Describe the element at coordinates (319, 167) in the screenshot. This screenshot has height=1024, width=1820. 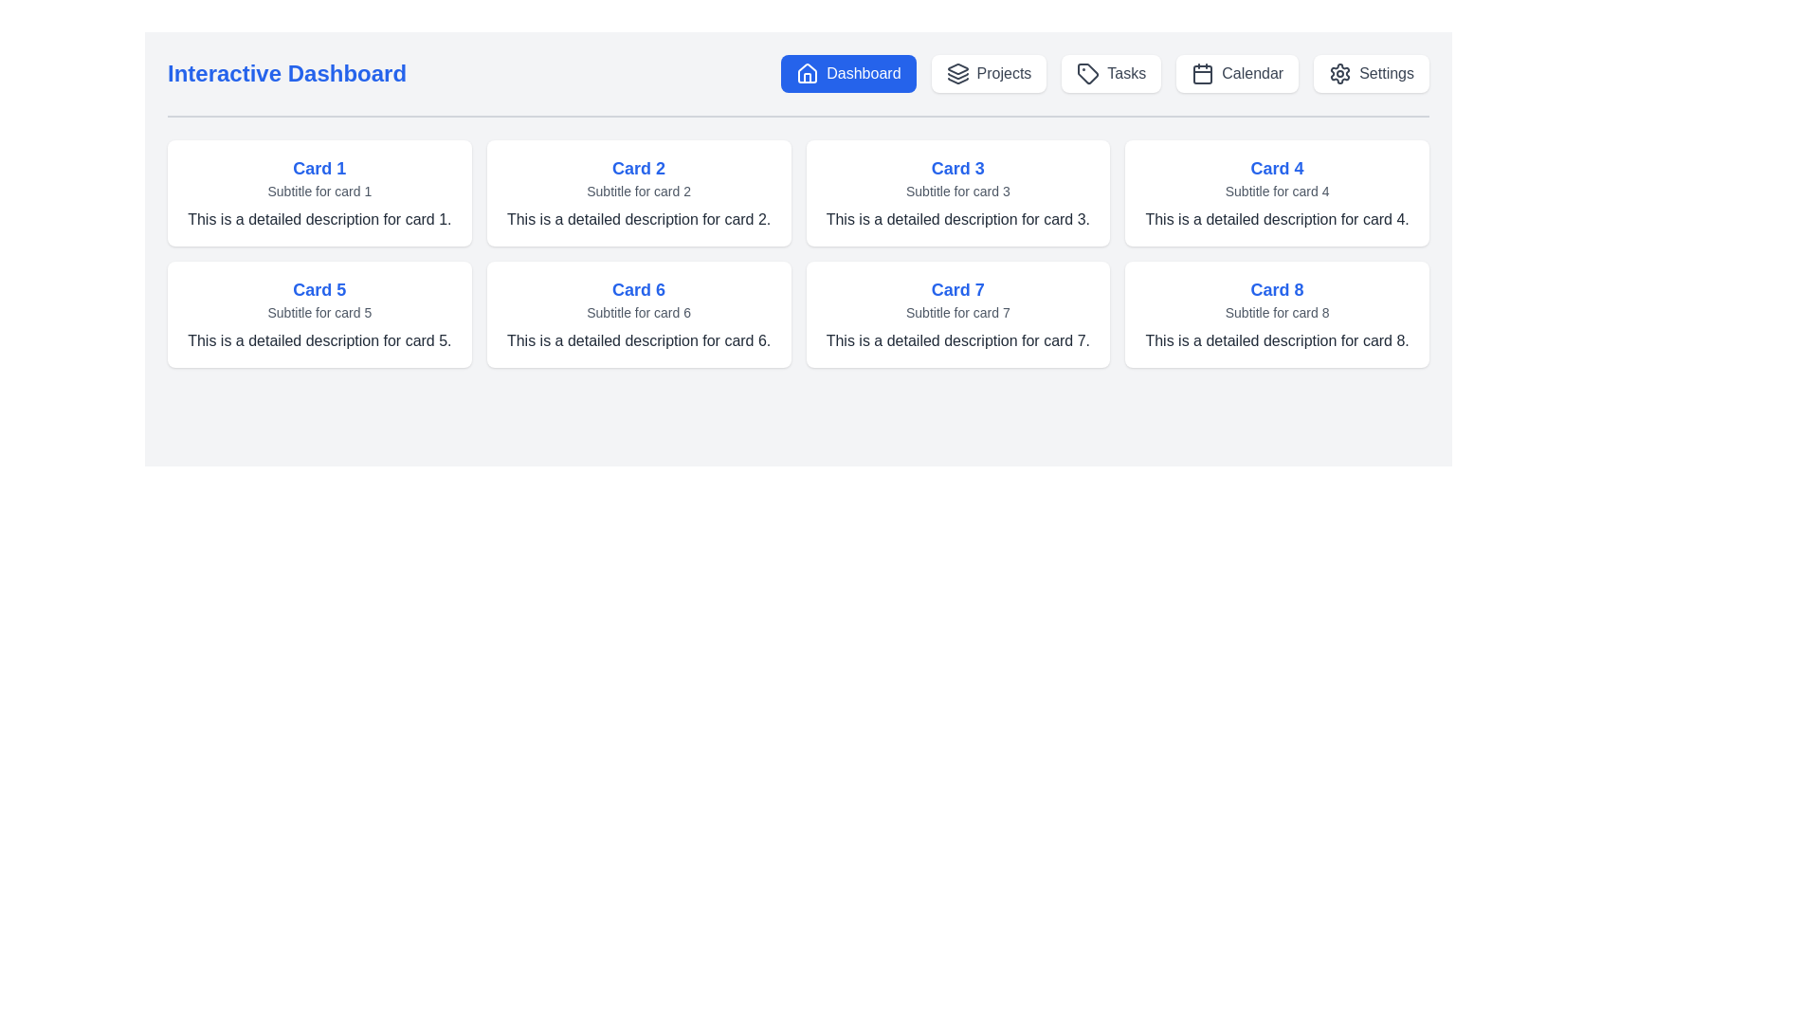
I see `the Text Label that serves as the title or heading for the first card in the grid layout, positioned above the subtitle and description text` at that location.